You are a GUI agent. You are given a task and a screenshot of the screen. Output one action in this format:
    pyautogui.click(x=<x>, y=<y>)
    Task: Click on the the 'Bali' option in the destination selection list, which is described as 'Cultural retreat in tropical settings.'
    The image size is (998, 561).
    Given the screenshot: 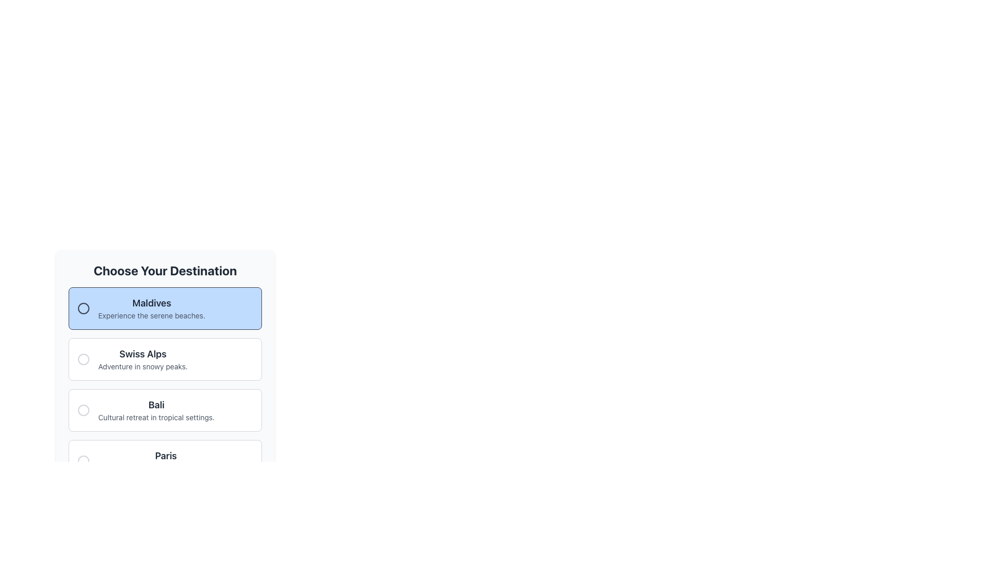 What is the action you would take?
    pyautogui.click(x=156, y=410)
    